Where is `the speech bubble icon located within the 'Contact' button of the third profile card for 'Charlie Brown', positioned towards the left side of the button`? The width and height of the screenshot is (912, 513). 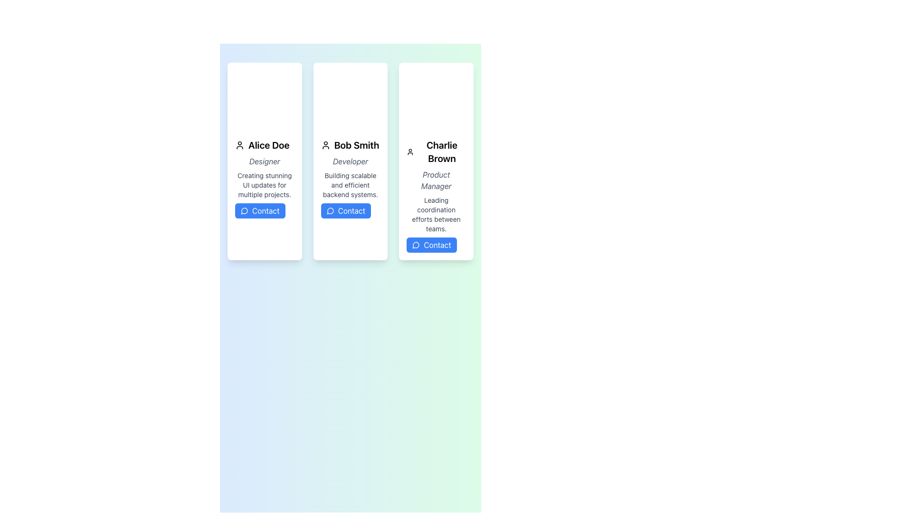 the speech bubble icon located within the 'Contact' button of the third profile card for 'Charlie Brown', positioned towards the left side of the button is located at coordinates (415, 245).